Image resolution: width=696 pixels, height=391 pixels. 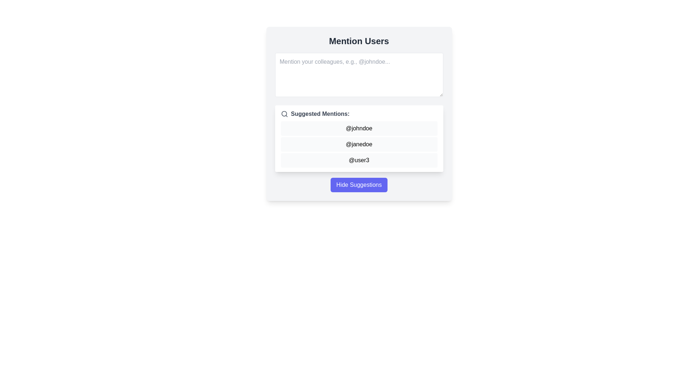 What do you see at coordinates (359, 160) in the screenshot?
I see `the suggested mention button for '@user3' located in the 'Mention Users' modal dialog, which is the third item in the vertical list of user mentions` at bounding box center [359, 160].